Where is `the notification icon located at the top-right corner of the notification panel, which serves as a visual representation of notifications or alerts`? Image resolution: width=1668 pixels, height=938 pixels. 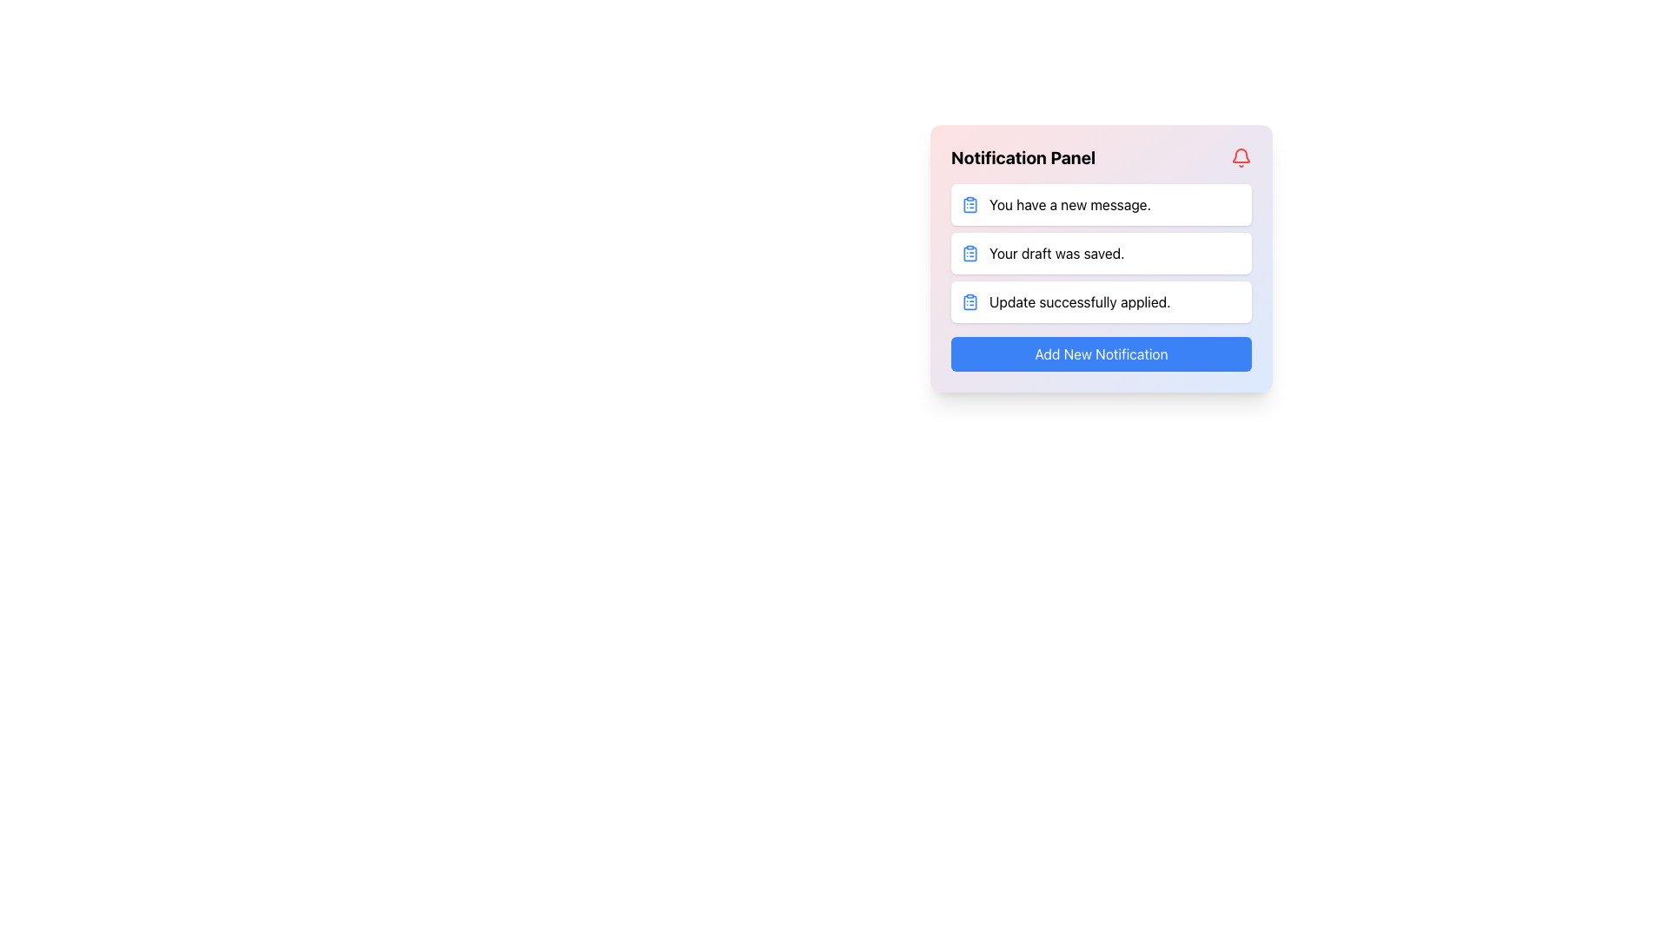 the notification icon located at the top-right corner of the notification panel, which serves as a visual representation of notifications or alerts is located at coordinates (1241, 155).